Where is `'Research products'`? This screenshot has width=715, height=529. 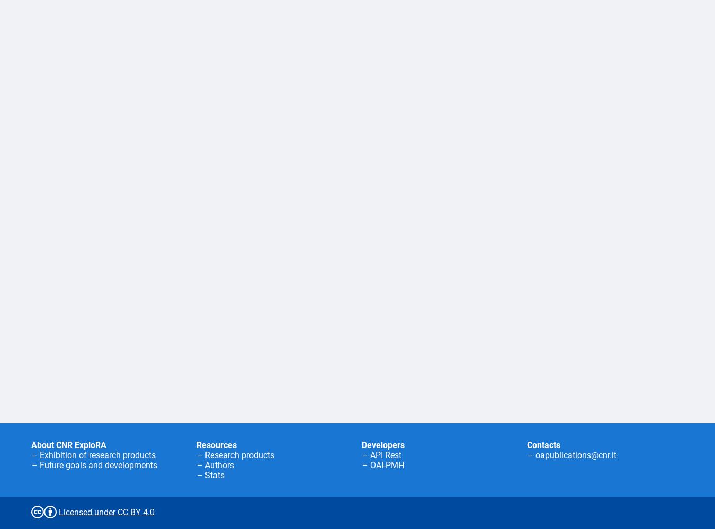
'Research products' is located at coordinates (239, 454).